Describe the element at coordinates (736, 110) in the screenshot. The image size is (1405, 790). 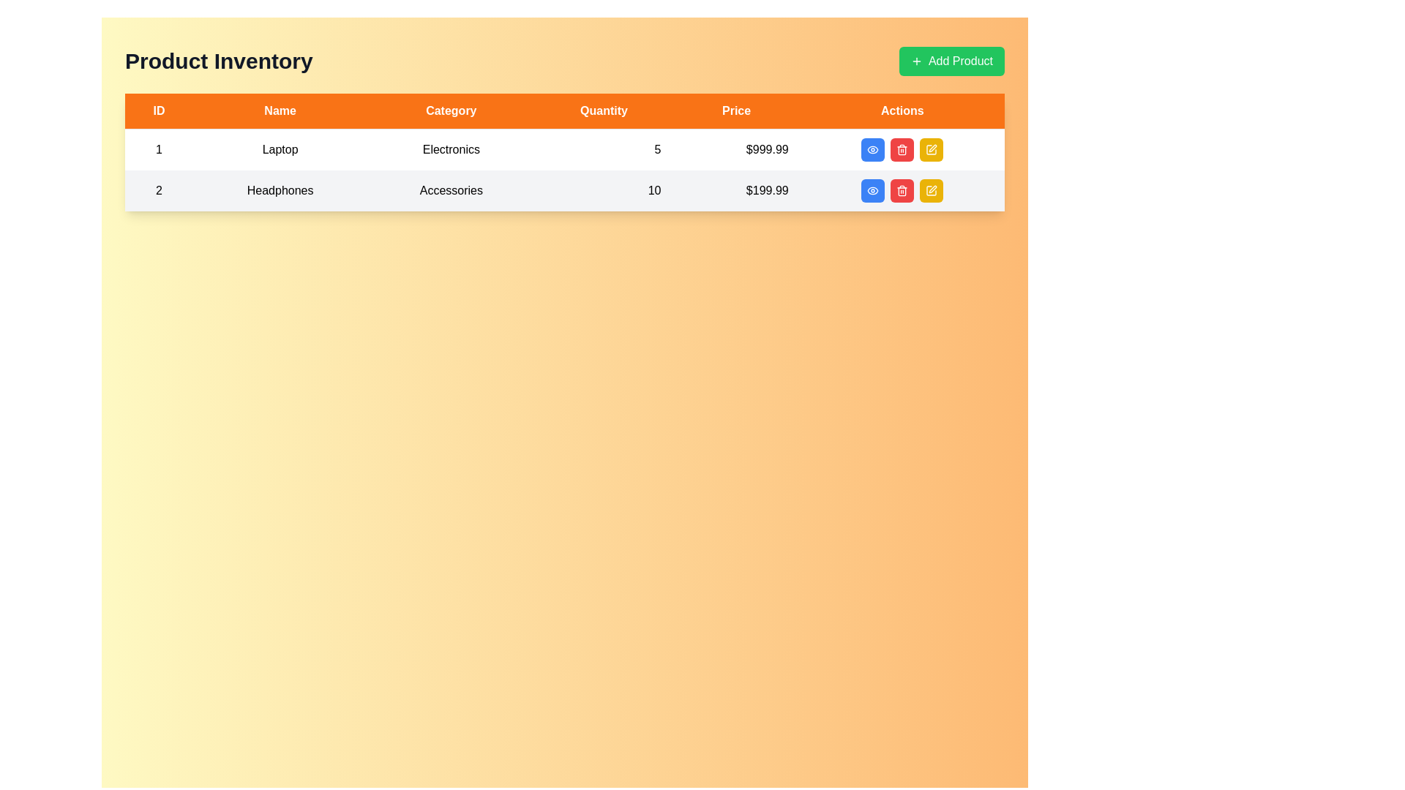
I see `the 'Price' header label, which is styled in white text against an orange background and is positioned between the 'Quantity' and 'Actions' labels in the header row` at that location.